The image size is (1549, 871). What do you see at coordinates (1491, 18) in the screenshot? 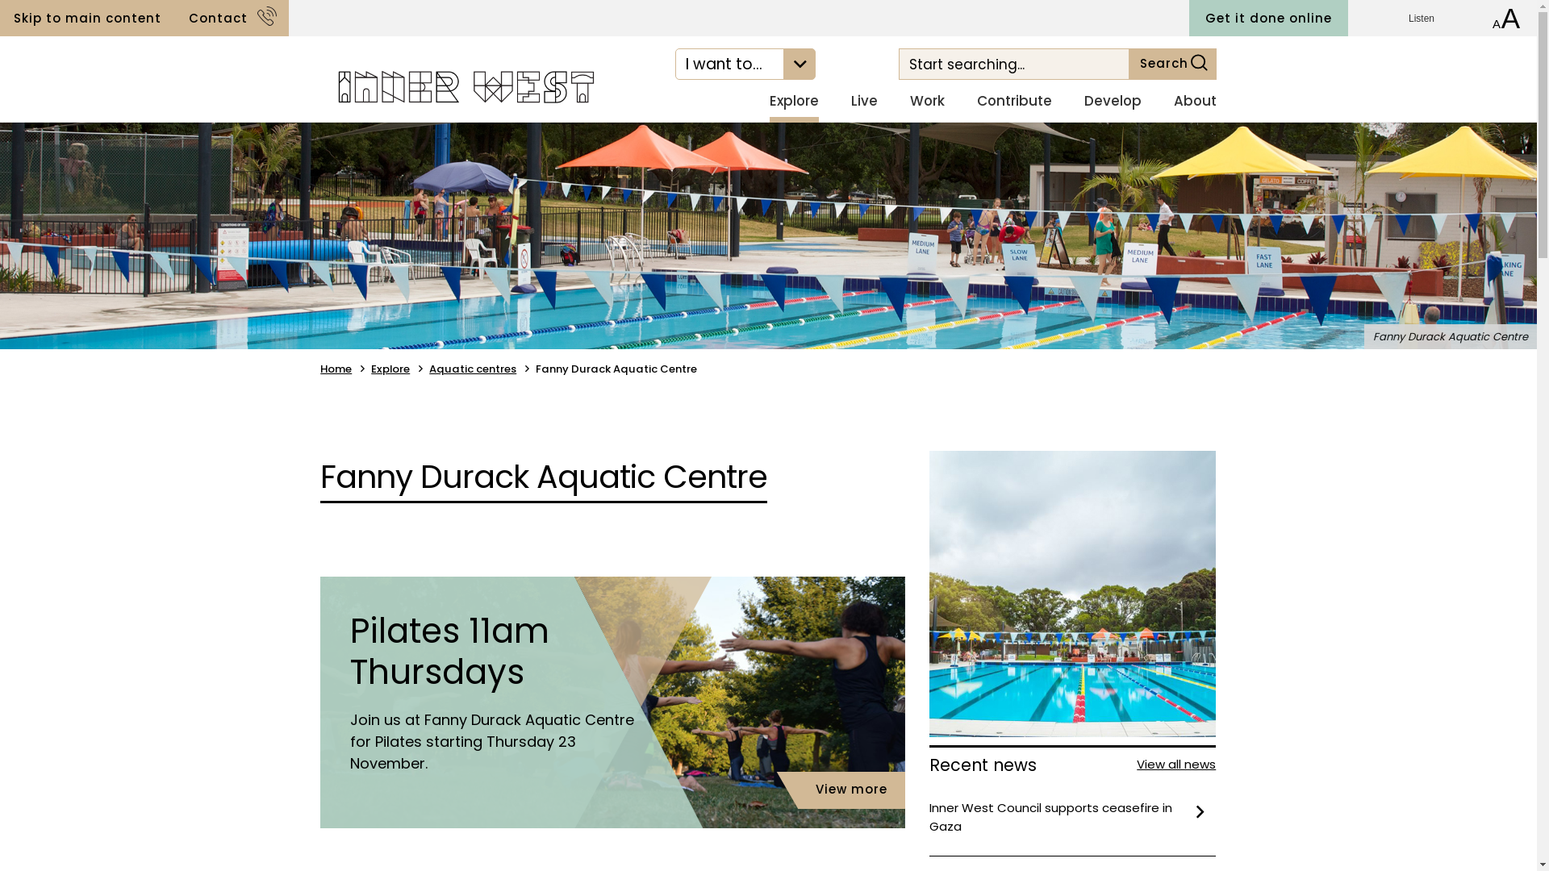
I see `'Decrease font size'` at bounding box center [1491, 18].